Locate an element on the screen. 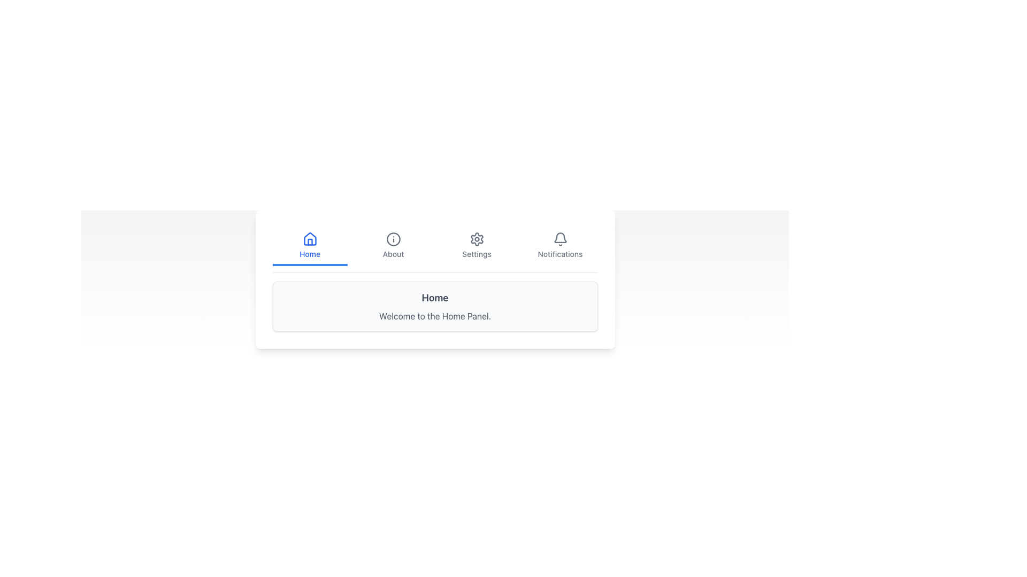 This screenshot has height=577, width=1027. the 'Notifications' text label, which is styled with a small font size and medium weight, located directly beneath the bell icon in the navigation bar at the top-right corner of the panel is located at coordinates (560, 254).